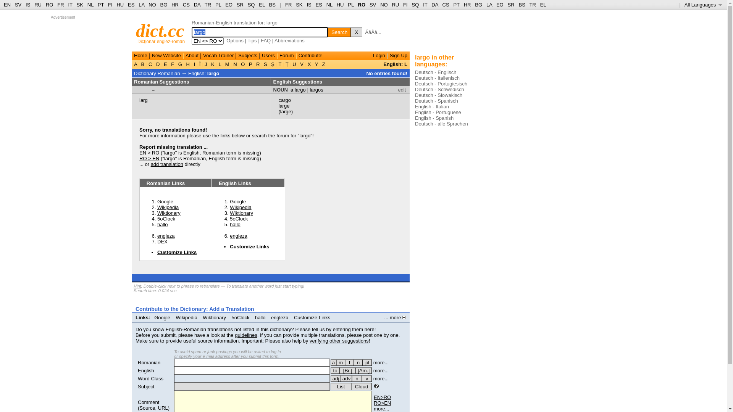 This screenshot has width=733, height=412. What do you see at coordinates (373, 55) in the screenshot?
I see `'Login'` at bounding box center [373, 55].